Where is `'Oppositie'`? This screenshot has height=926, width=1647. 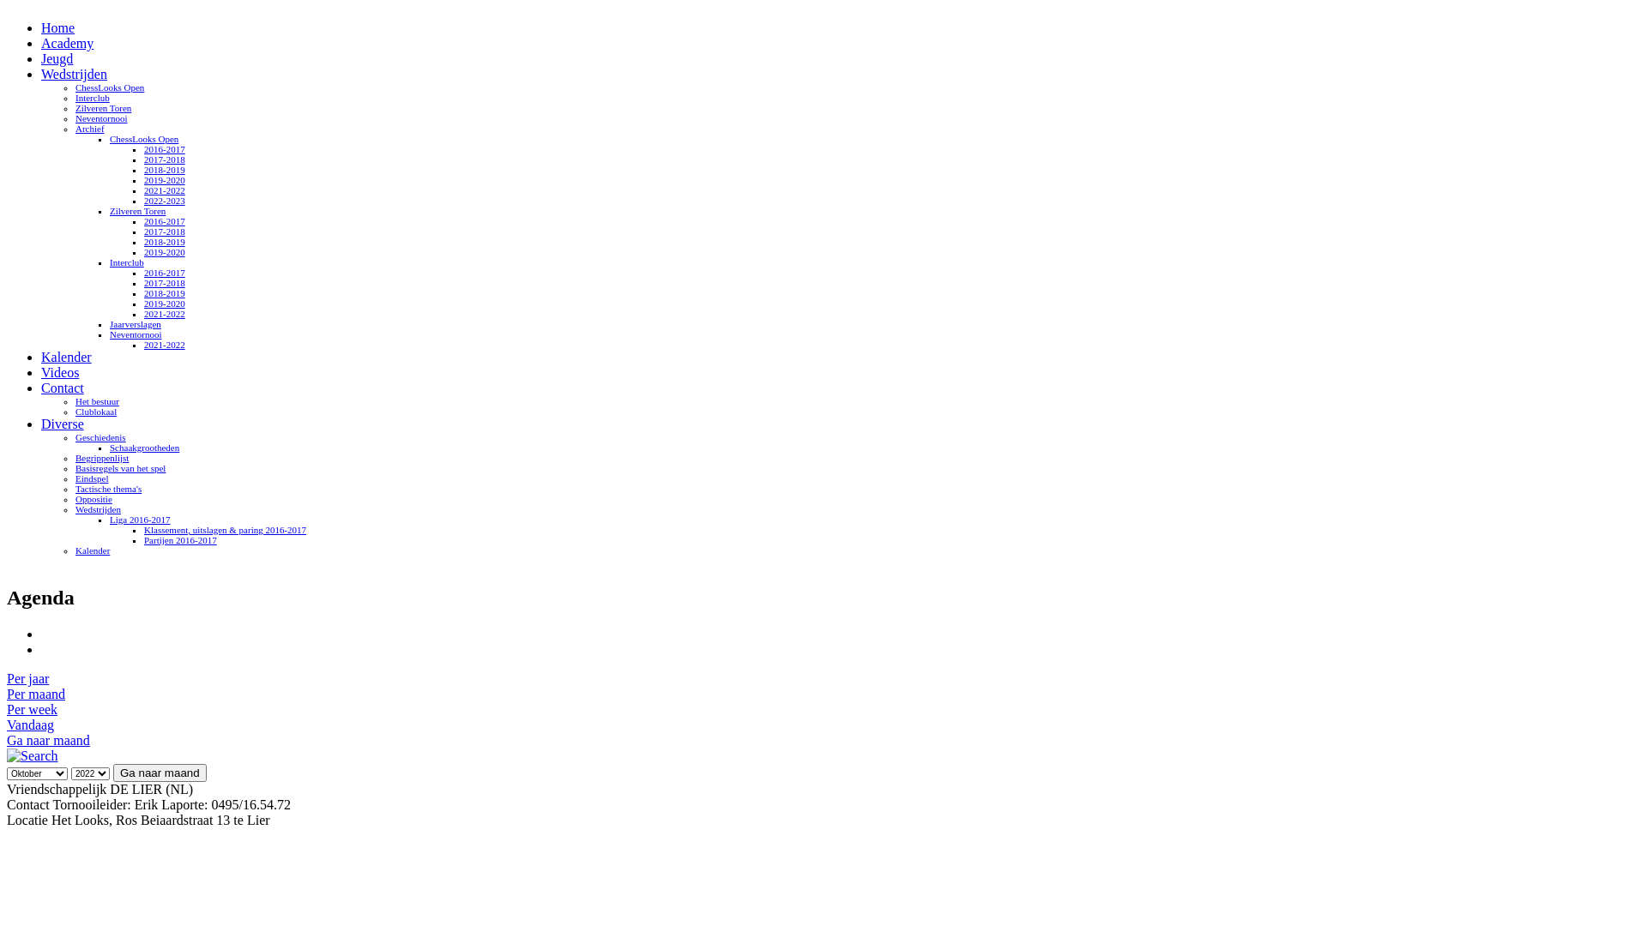
'Oppositie' is located at coordinates (93, 499).